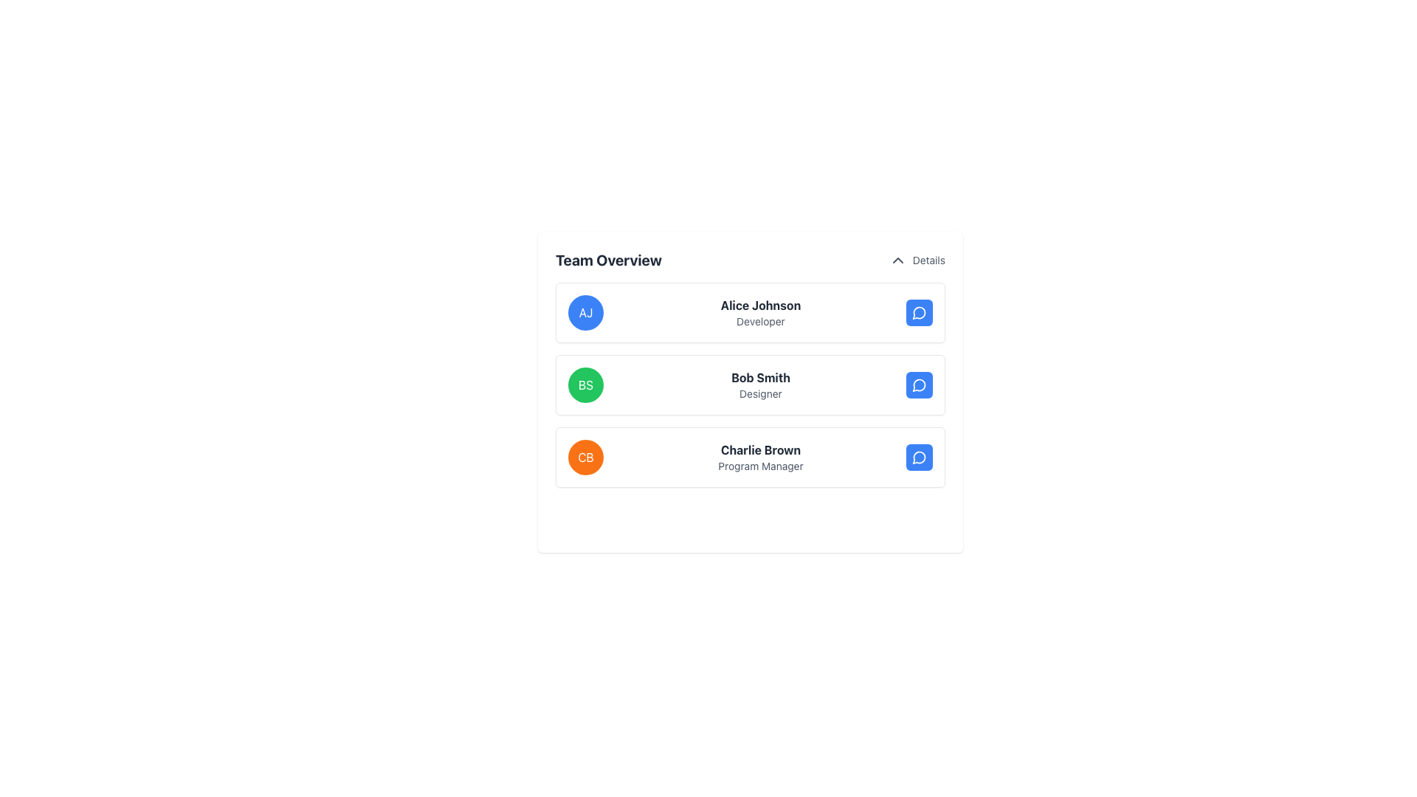  What do you see at coordinates (761, 449) in the screenshot?
I see `text 'Charlie Brown' which is the top-most text in the third row of the 'Team Overview' list item` at bounding box center [761, 449].